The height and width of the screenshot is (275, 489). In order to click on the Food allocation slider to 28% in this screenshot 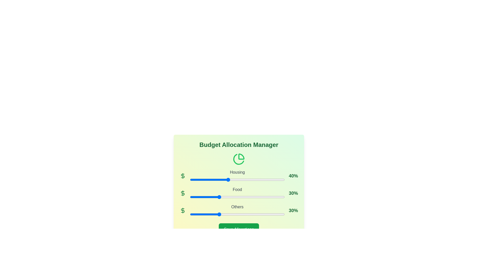, I will do `click(216, 197)`.